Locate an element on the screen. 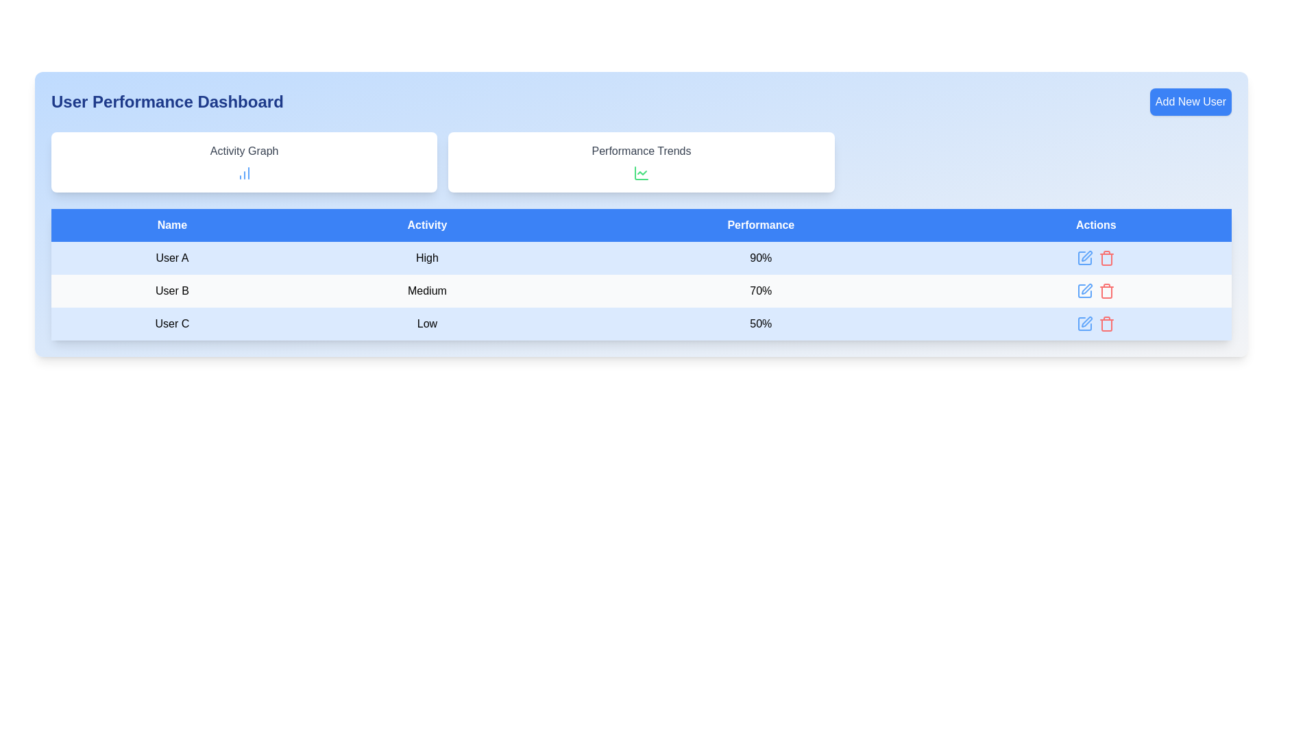  the interactive buttons in the Action panel for 'User A' in the first row of the 'User Performance Dashboard' is located at coordinates (1095, 258).